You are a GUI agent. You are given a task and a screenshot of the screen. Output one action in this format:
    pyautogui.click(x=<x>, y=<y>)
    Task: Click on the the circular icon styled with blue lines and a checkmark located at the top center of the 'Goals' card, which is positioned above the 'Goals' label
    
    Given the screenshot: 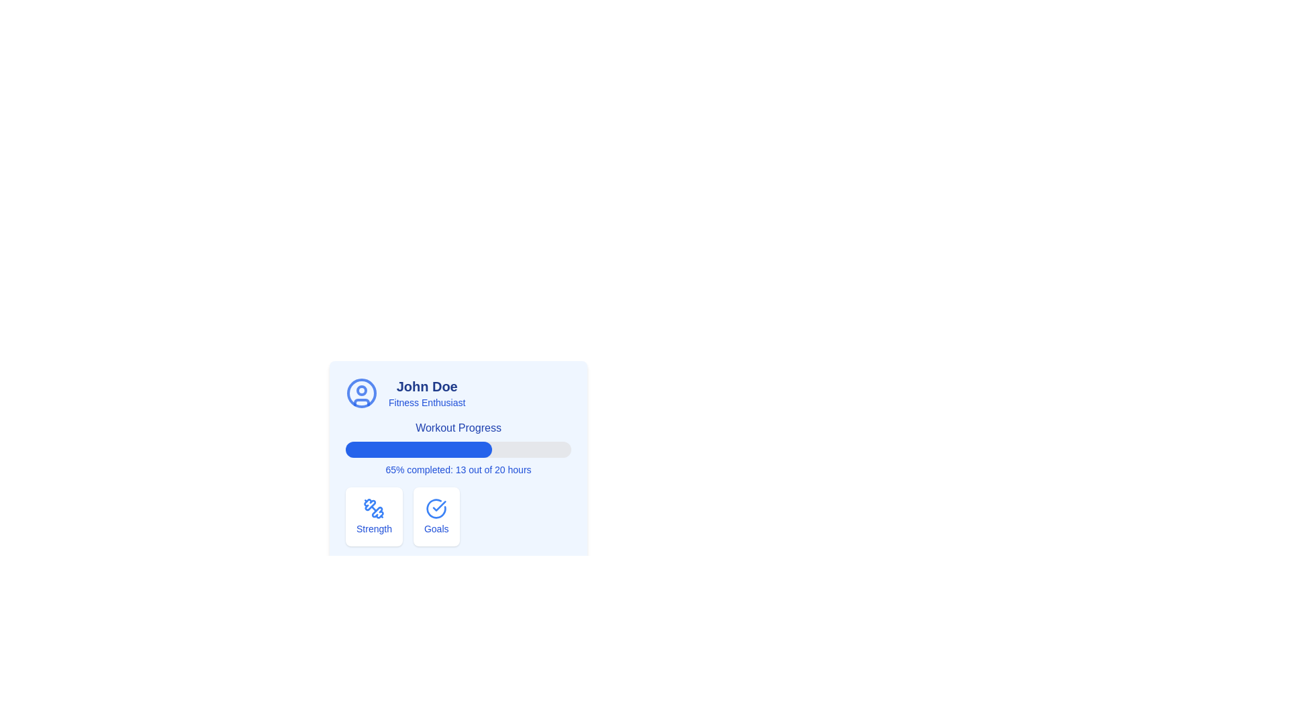 What is the action you would take?
    pyautogui.click(x=436, y=509)
    